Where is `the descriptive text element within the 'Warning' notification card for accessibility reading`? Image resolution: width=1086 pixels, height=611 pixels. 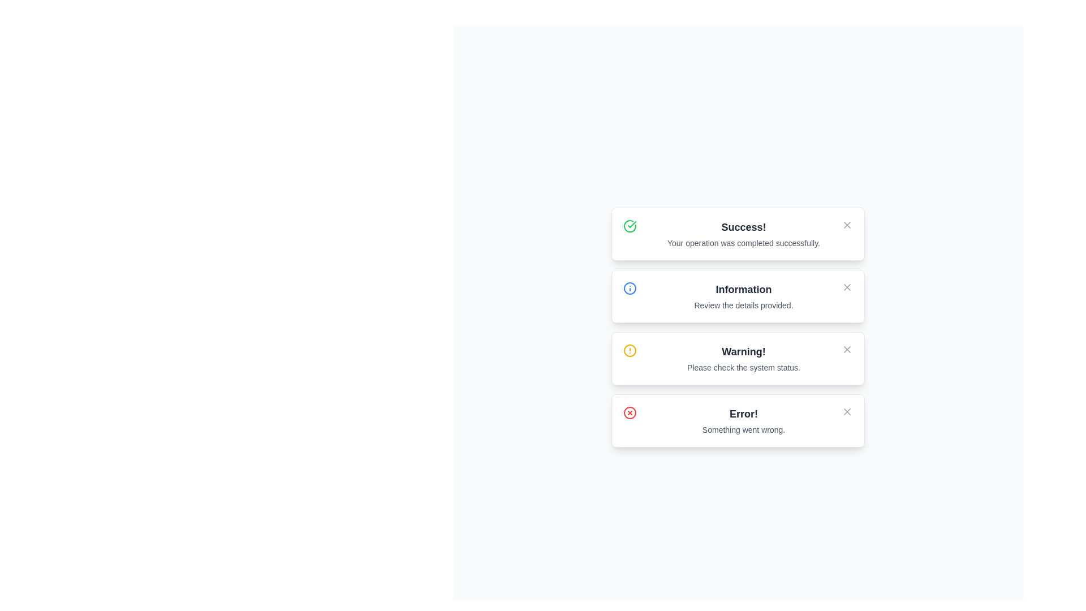
the descriptive text element within the 'Warning' notification card for accessibility reading is located at coordinates (744, 368).